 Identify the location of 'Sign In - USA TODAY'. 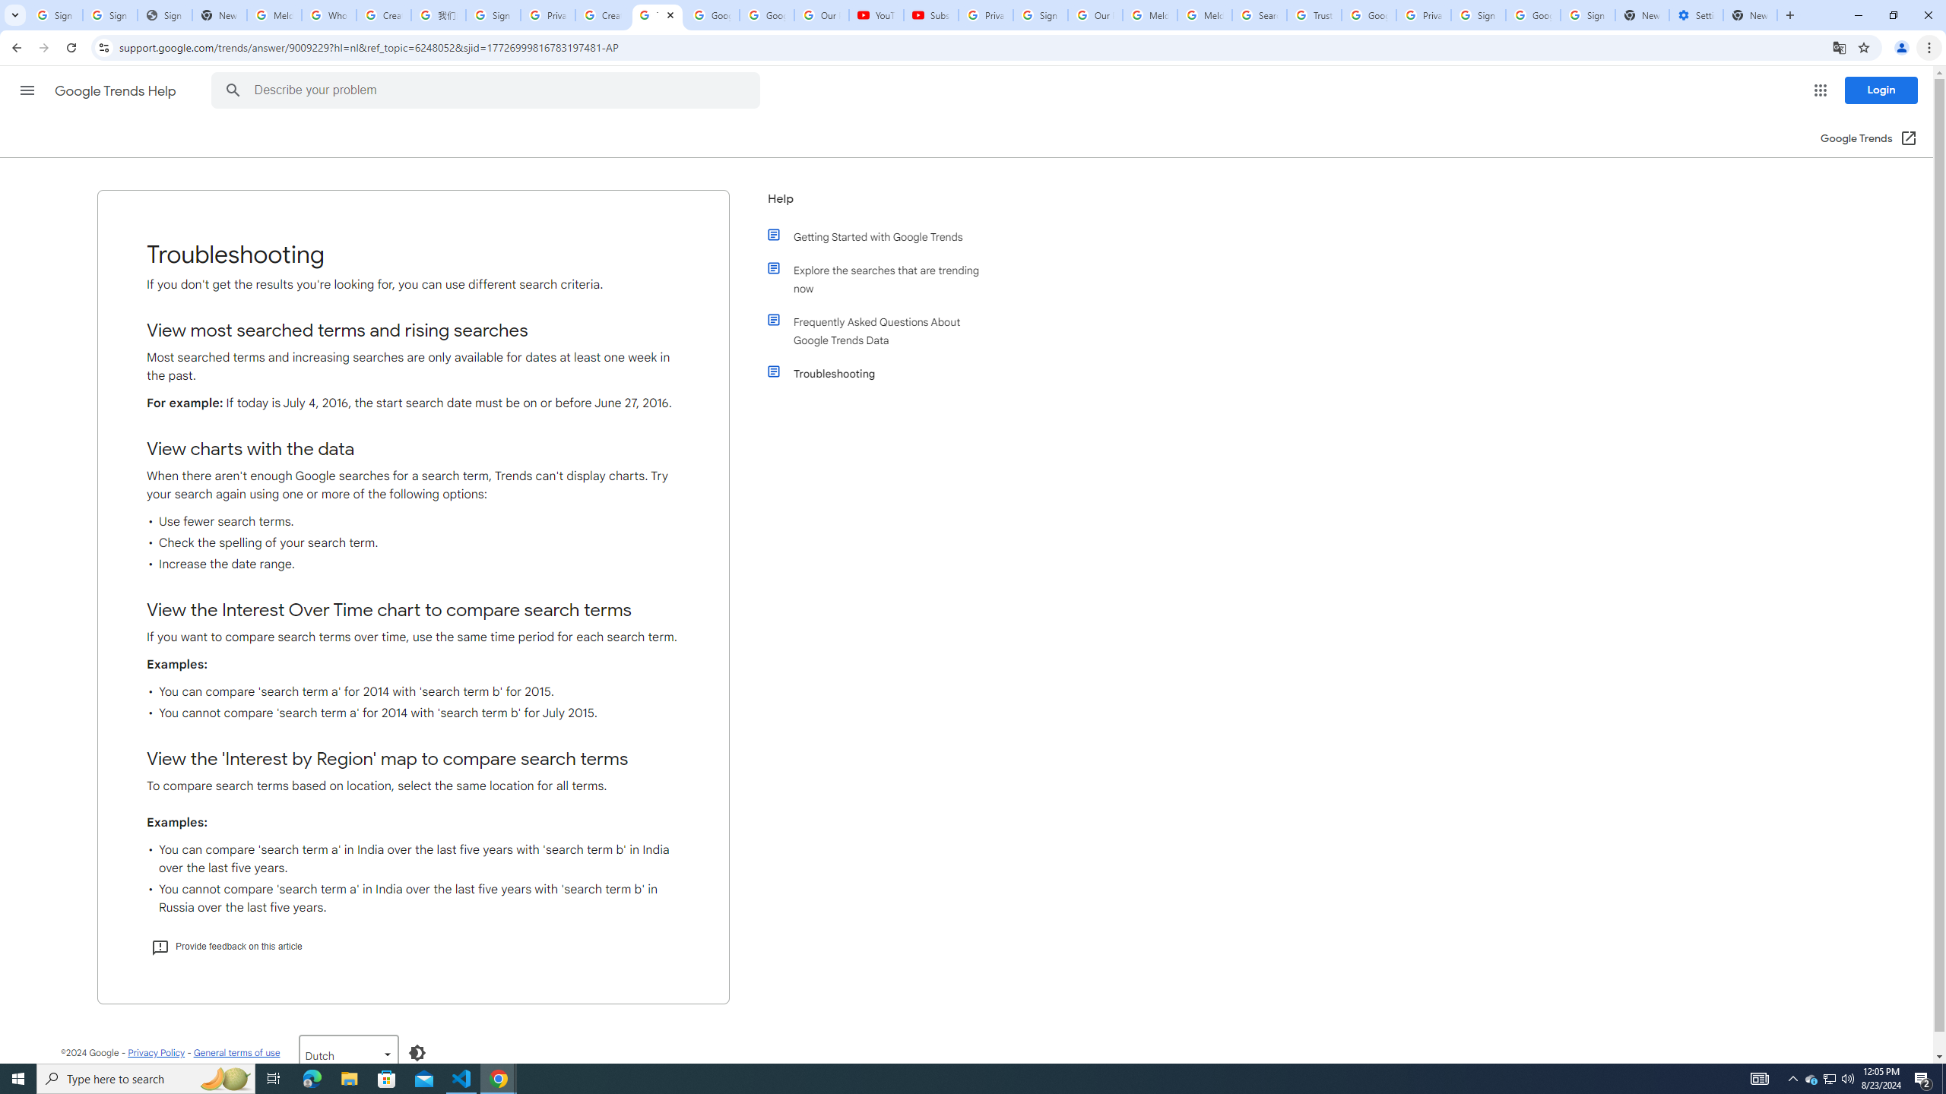
(164, 14).